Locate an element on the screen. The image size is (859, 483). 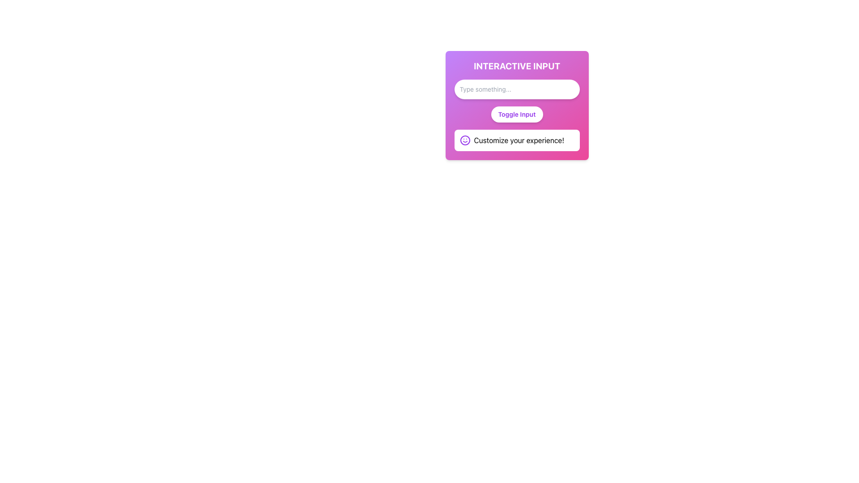
the 'Toggle Input' button, which has a white background and purple text is located at coordinates (517, 114).